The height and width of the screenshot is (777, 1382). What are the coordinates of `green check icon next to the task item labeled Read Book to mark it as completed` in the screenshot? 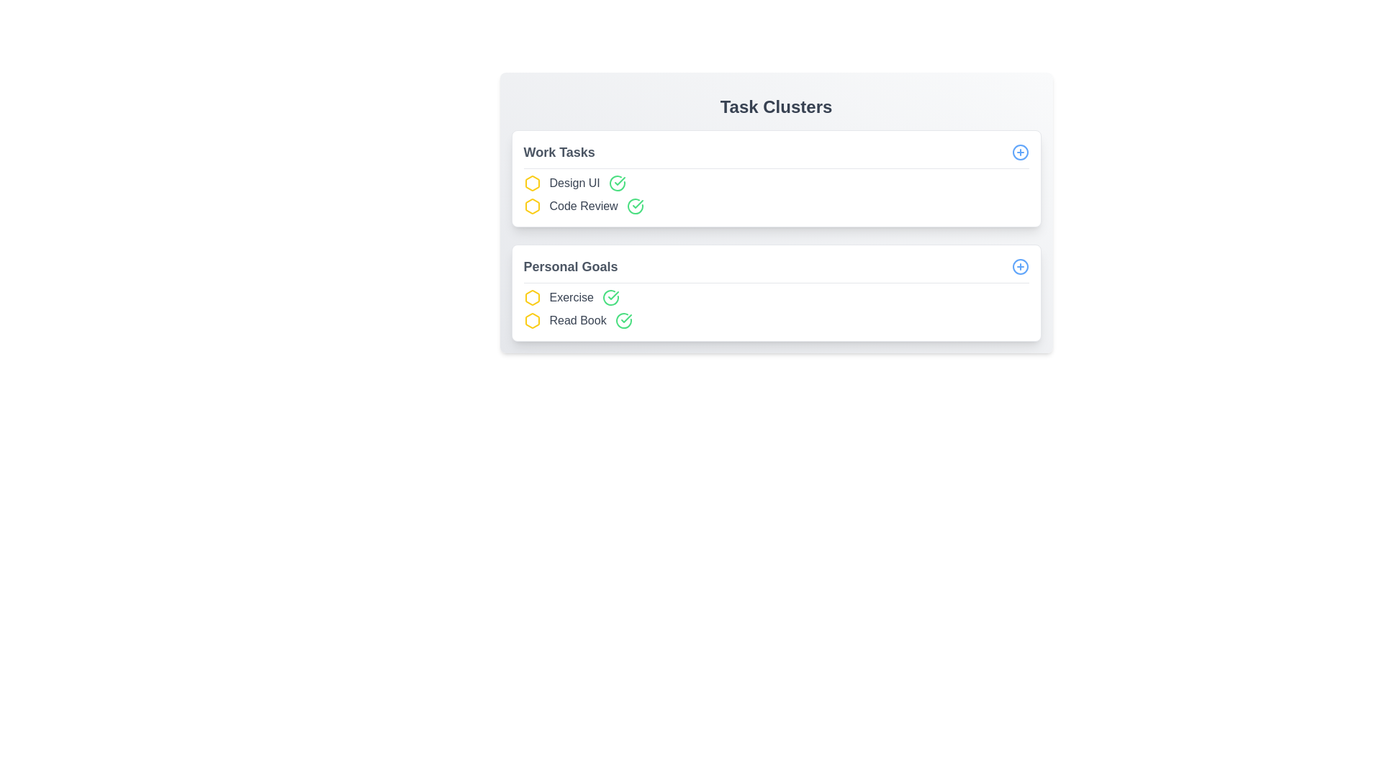 It's located at (623, 320).